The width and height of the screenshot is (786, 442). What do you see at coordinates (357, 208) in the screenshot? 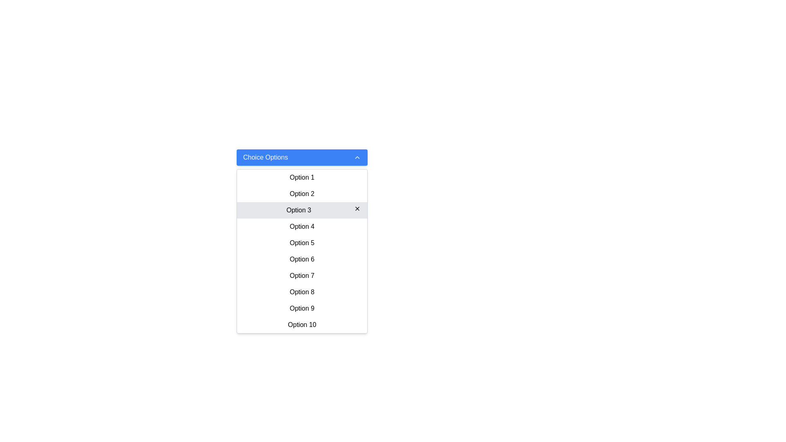
I see `the 'X' icon button located to the far right of the 'Option 3' list item` at bounding box center [357, 208].